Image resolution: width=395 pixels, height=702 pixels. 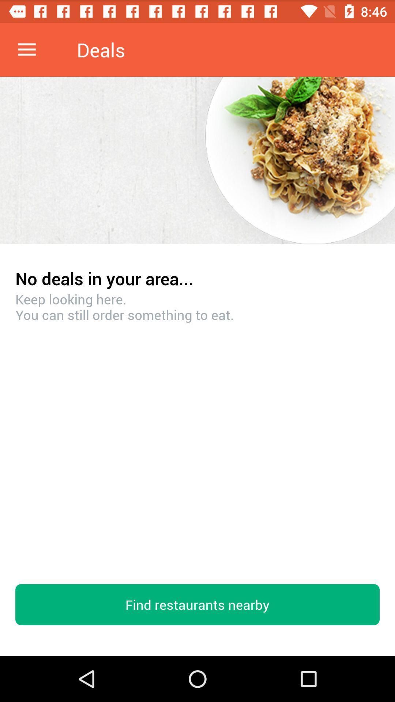 What do you see at coordinates (197, 604) in the screenshot?
I see `the find restaurants nearby icon` at bounding box center [197, 604].